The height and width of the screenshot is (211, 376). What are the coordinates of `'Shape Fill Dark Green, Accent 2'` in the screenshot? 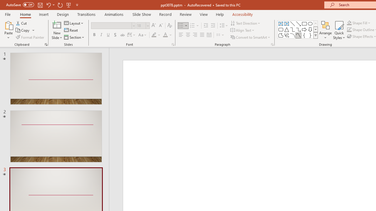 It's located at (349, 23).